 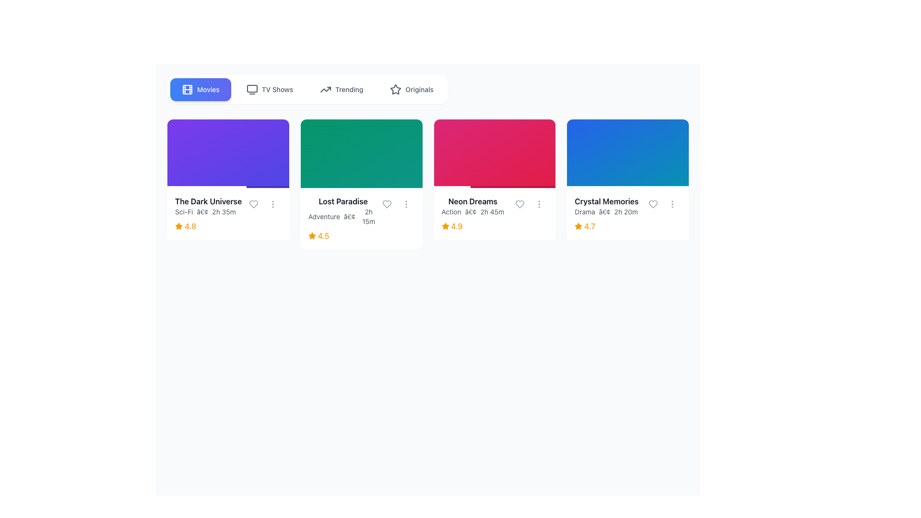 What do you see at coordinates (341, 89) in the screenshot?
I see `the 'Trending' button, which is the third button in a horizontal list at the top of the interface` at bounding box center [341, 89].